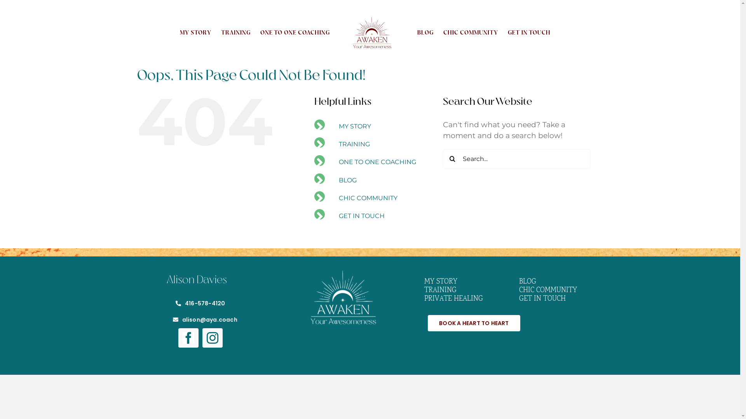 Image resolution: width=746 pixels, height=419 pixels. What do you see at coordinates (473, 323) in the screenshot?
I see `'BOOK A HEART TO HEART'` at bounding box center [473, 323].